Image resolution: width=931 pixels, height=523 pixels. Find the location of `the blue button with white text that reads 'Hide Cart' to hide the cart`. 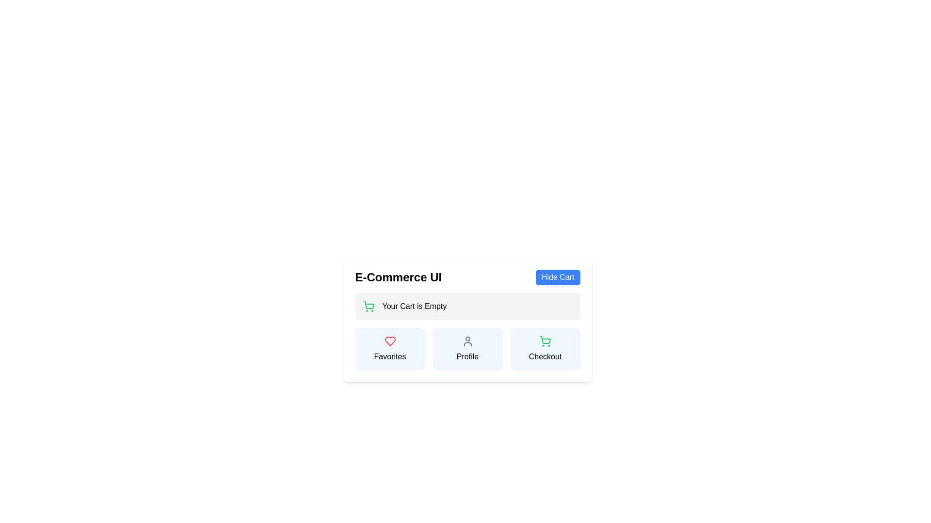

the blue button with white text that reads 'Hide Cart' to hide the cart is located at coordinates (558, 277).